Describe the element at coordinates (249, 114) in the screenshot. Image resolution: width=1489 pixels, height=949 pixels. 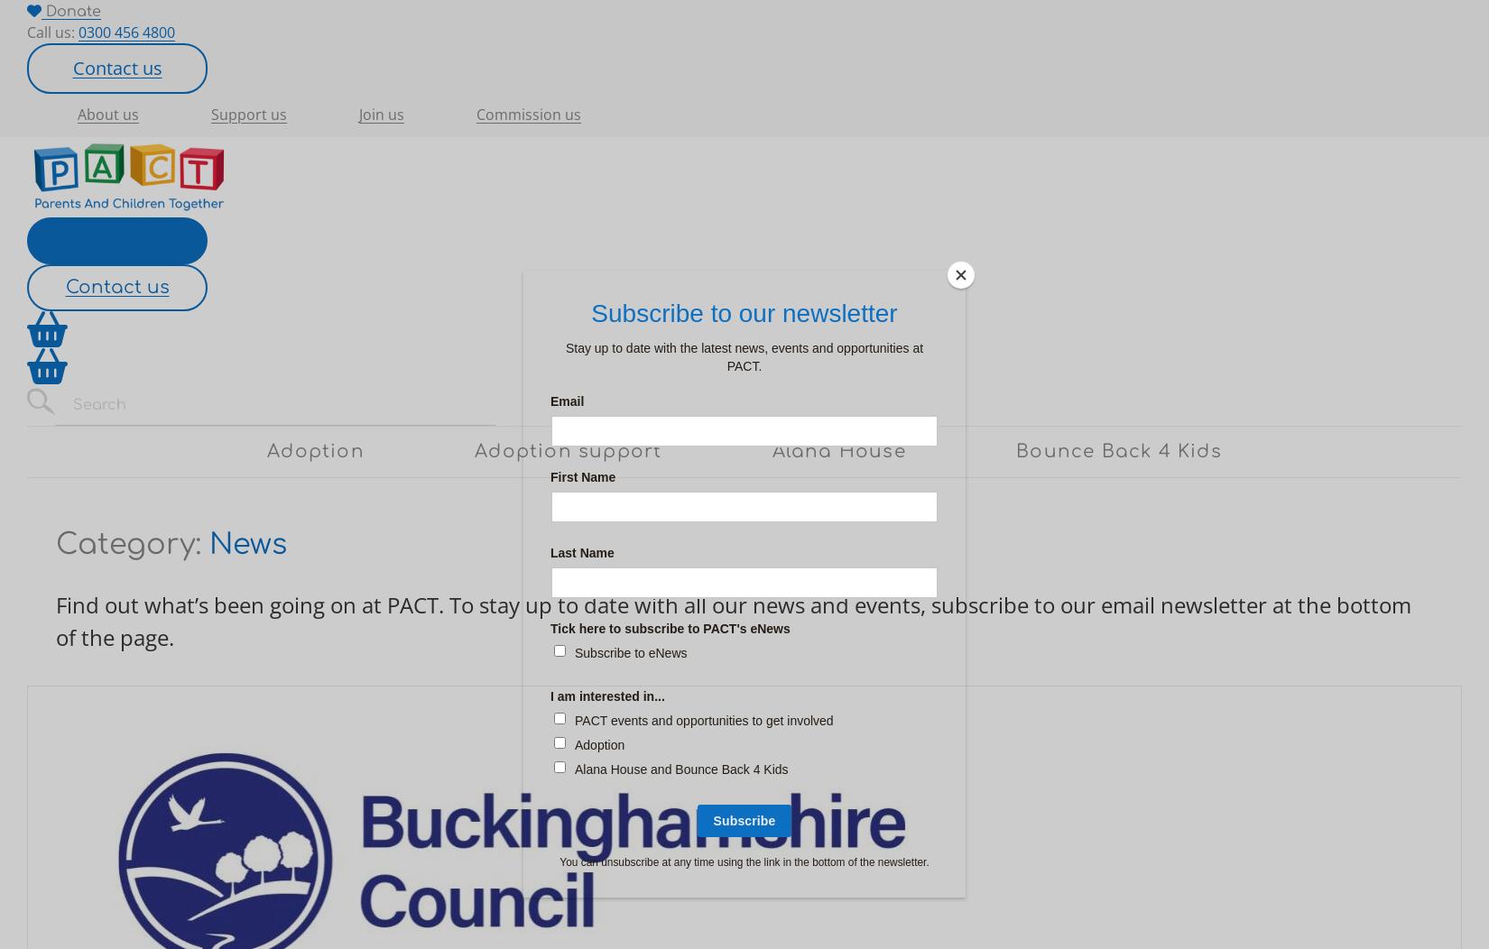
I see `'Support us'` at that location.